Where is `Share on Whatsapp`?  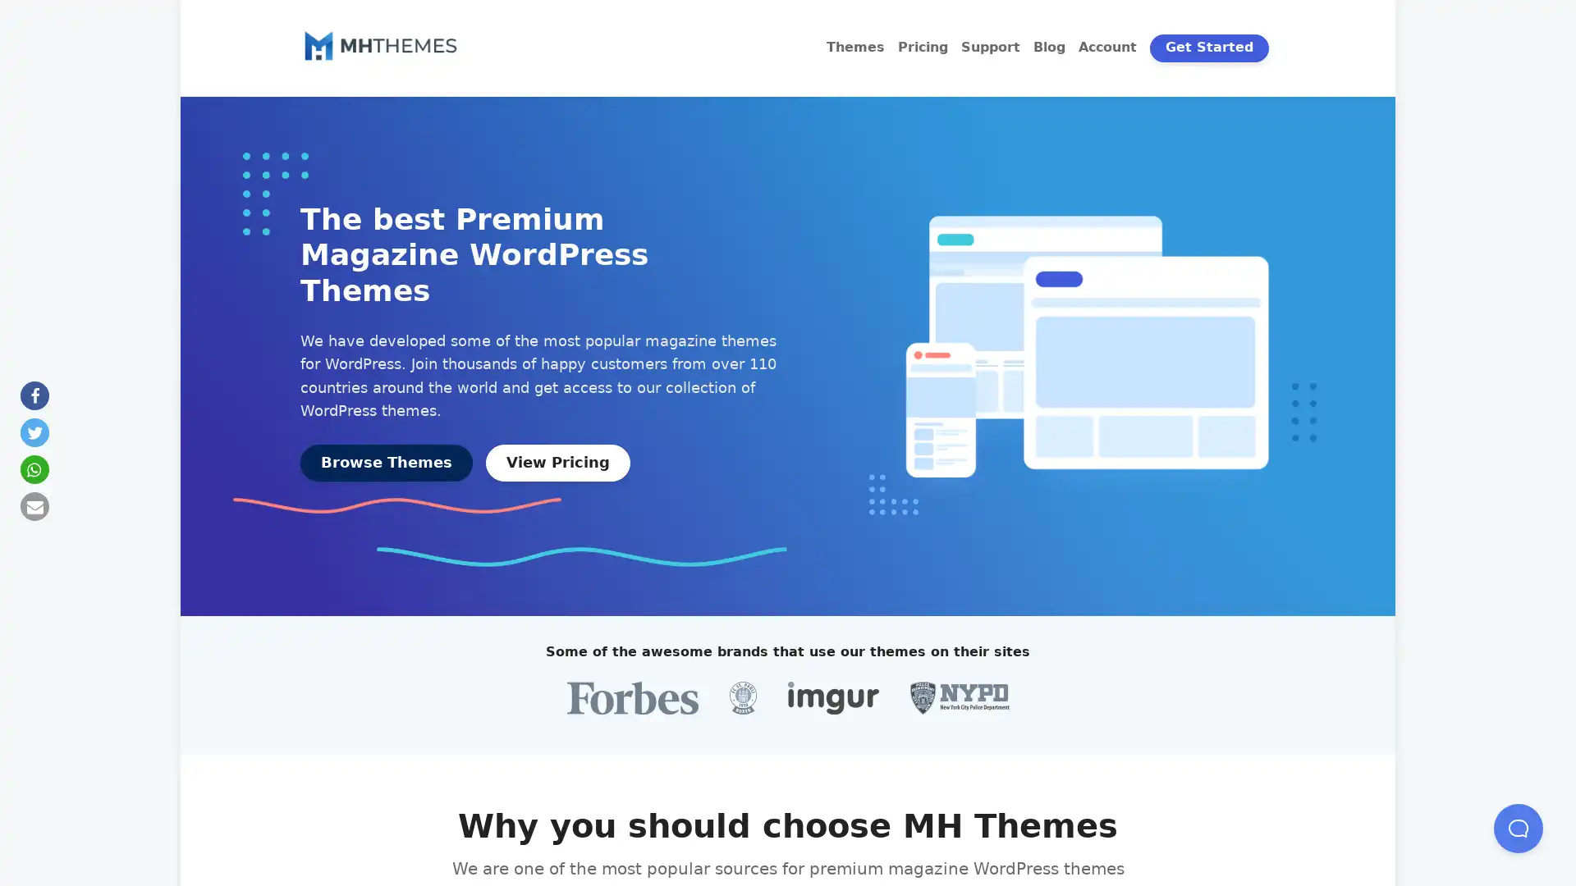 Share on Whatsapp is located at coordinates (34, 469).